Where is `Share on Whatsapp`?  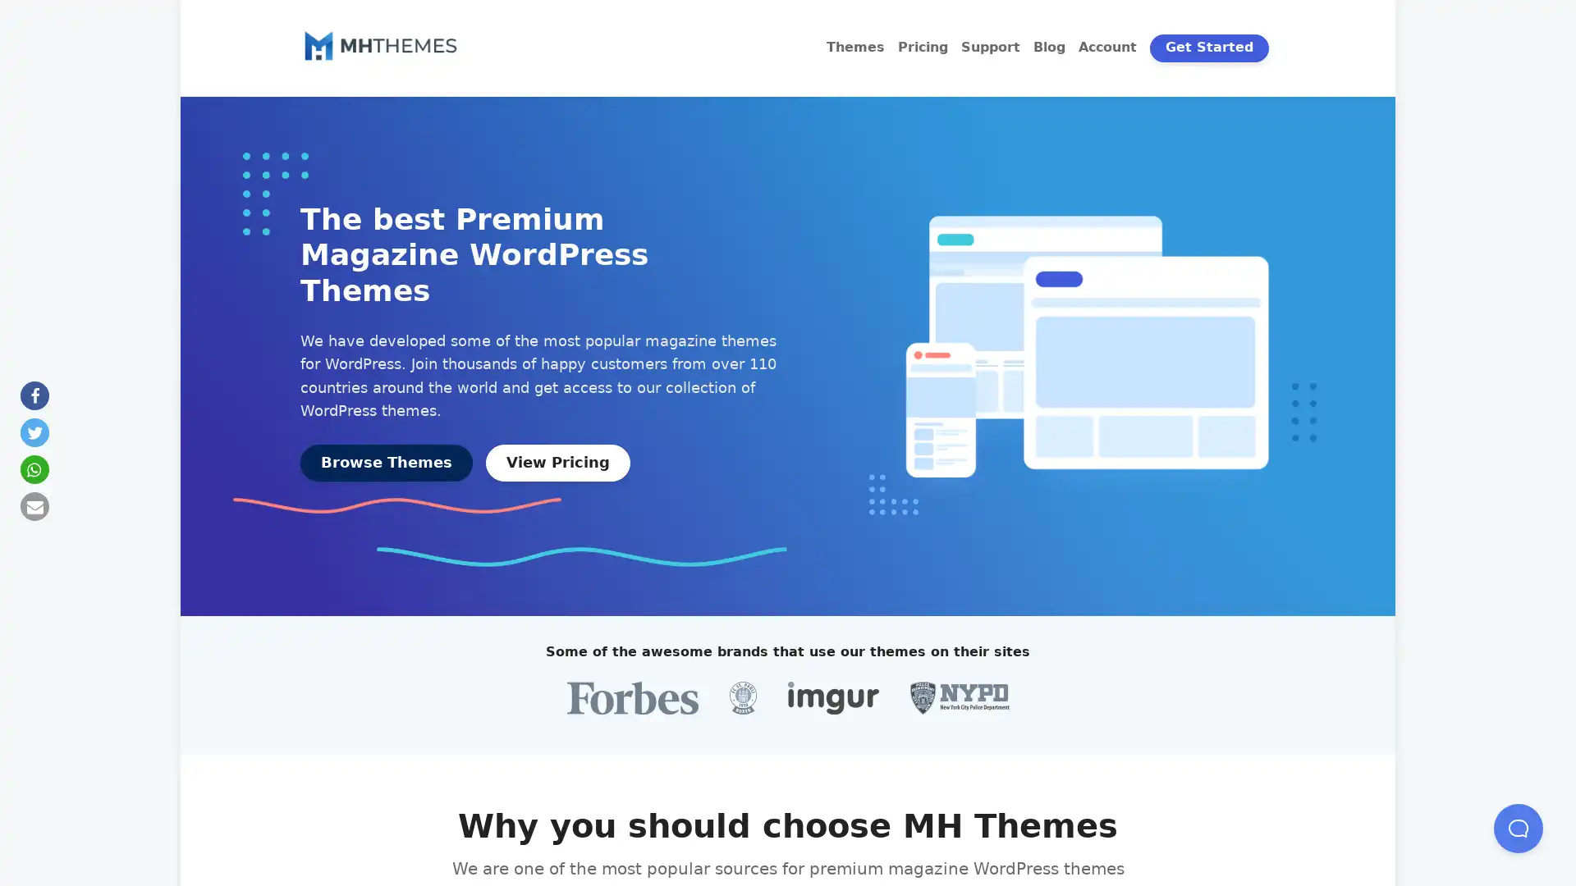 Share on Whatsapp is located at coordinates (34, 469).